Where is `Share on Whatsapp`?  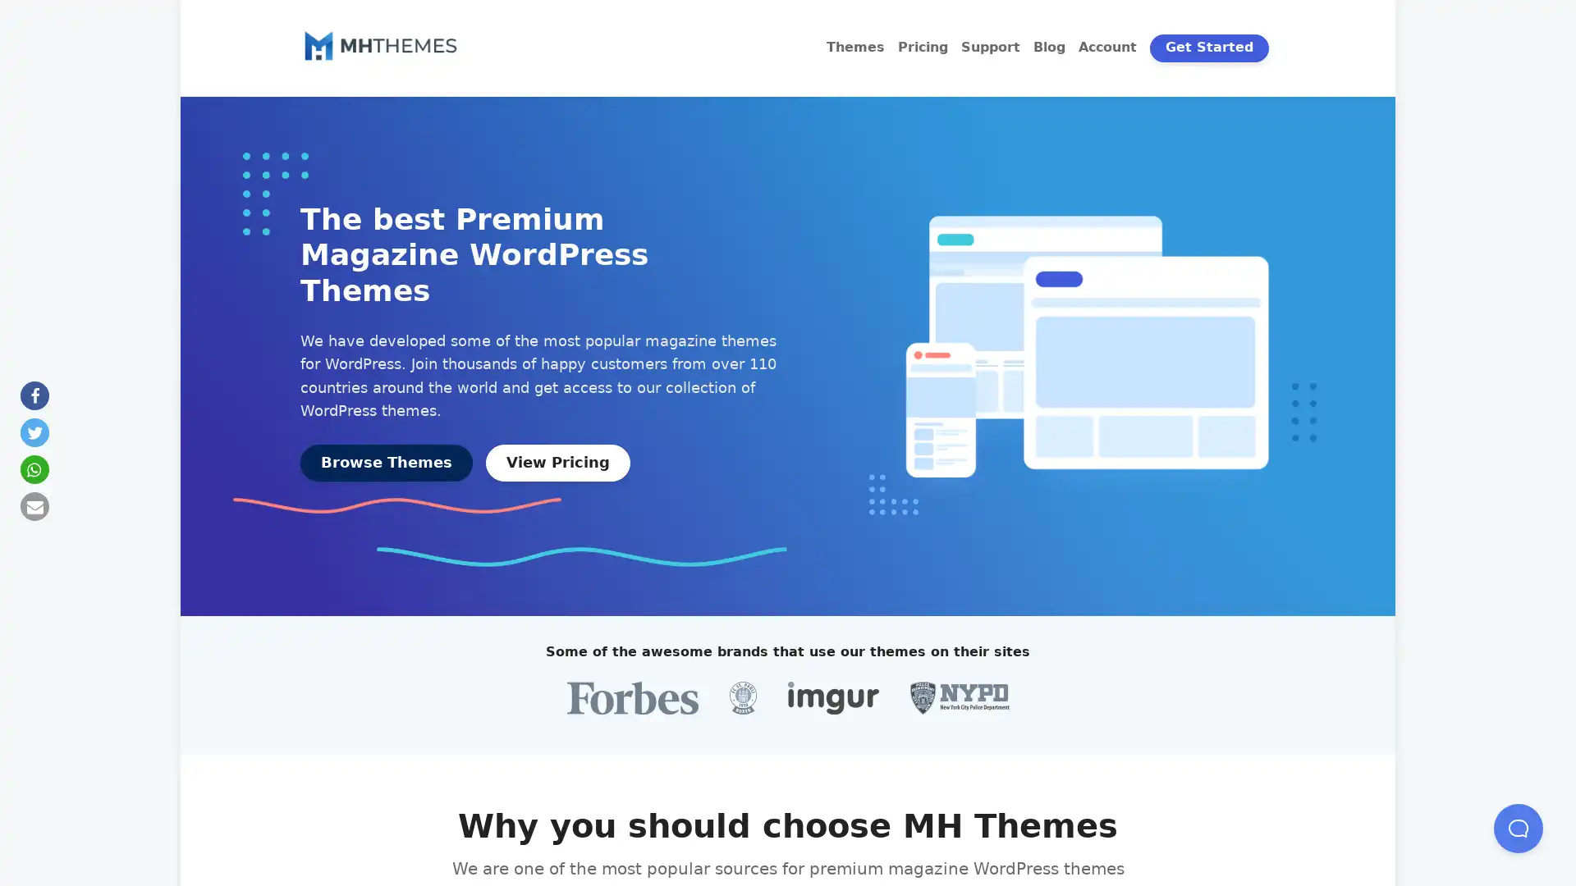 Share on Whatsapp is located at coordinates (34, 469).